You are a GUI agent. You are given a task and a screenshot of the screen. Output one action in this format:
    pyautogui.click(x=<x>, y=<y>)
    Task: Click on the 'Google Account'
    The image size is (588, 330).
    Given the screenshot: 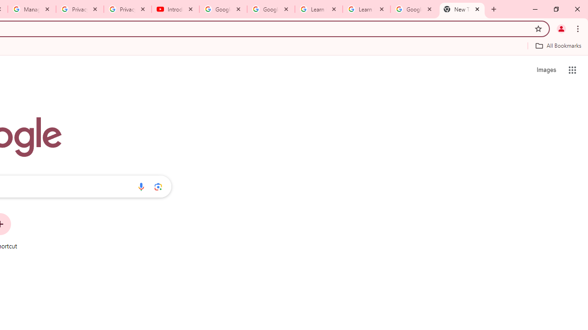 What is the action you would take?
    pyautogui.click(x=413, y=9)
    